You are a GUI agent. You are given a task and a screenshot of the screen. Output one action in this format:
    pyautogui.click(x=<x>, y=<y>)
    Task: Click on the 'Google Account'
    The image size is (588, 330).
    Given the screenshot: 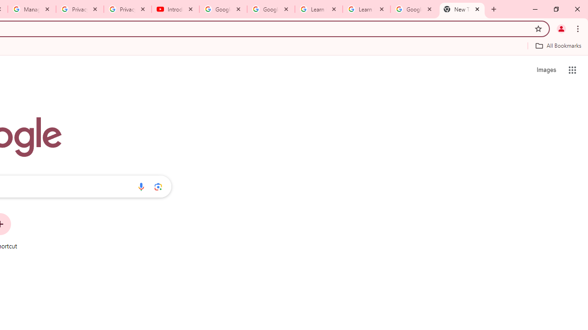 What is the action you would take?
    pyautogui.click(x=413, y=9)
    